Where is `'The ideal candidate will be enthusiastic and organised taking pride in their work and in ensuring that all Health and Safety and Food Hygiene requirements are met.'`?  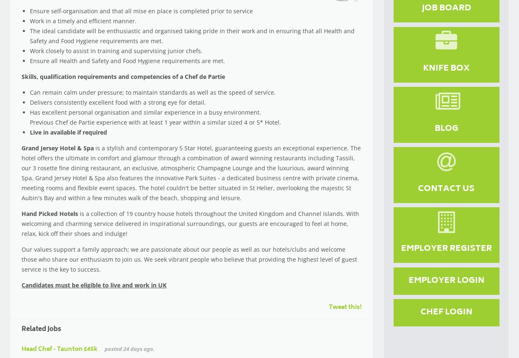
'The ideal candidate will be enthusiastic and organised taking pride in their work and in ensuring that all Health and Safety and Food Hygiene requirements are met.' is located at coordinates (29, 35).